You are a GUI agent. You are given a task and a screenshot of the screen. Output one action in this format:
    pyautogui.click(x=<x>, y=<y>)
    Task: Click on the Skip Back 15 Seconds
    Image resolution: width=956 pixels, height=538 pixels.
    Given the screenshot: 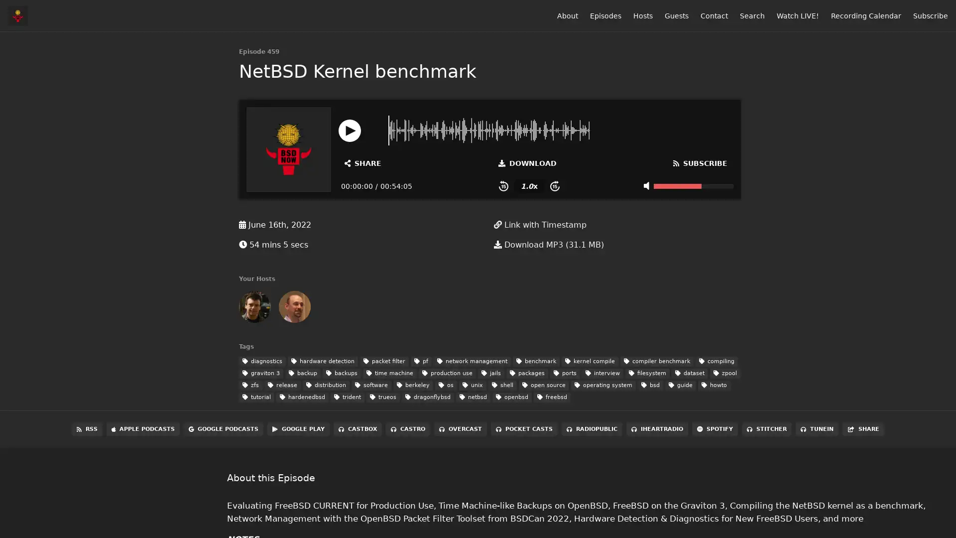 What is the action you would take?
    pyautogui.click(x=503, y=186)
    